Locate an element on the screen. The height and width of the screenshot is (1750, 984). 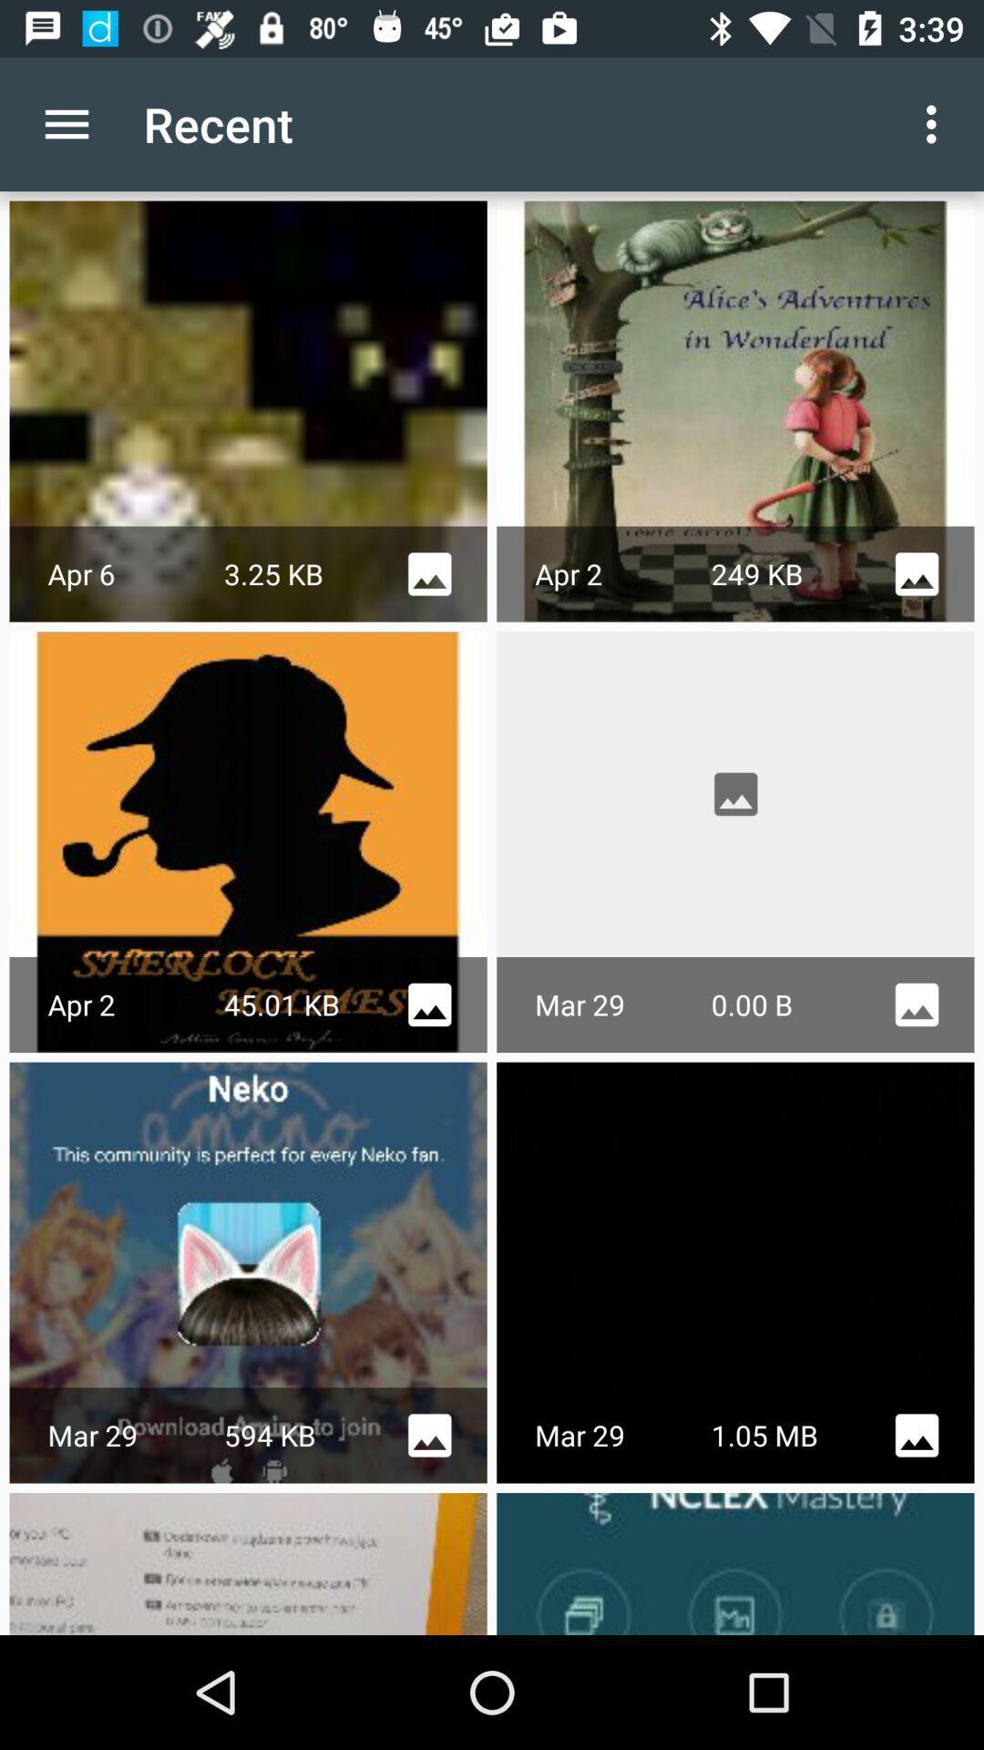
the icon to the right of the recent is located at coordinates (936, 123).